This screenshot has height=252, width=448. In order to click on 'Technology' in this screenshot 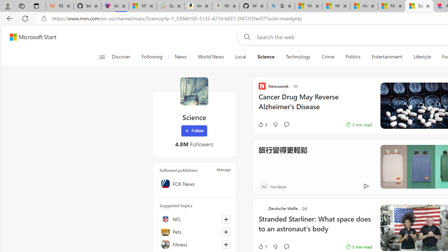, I will do `click(298, 57)`.